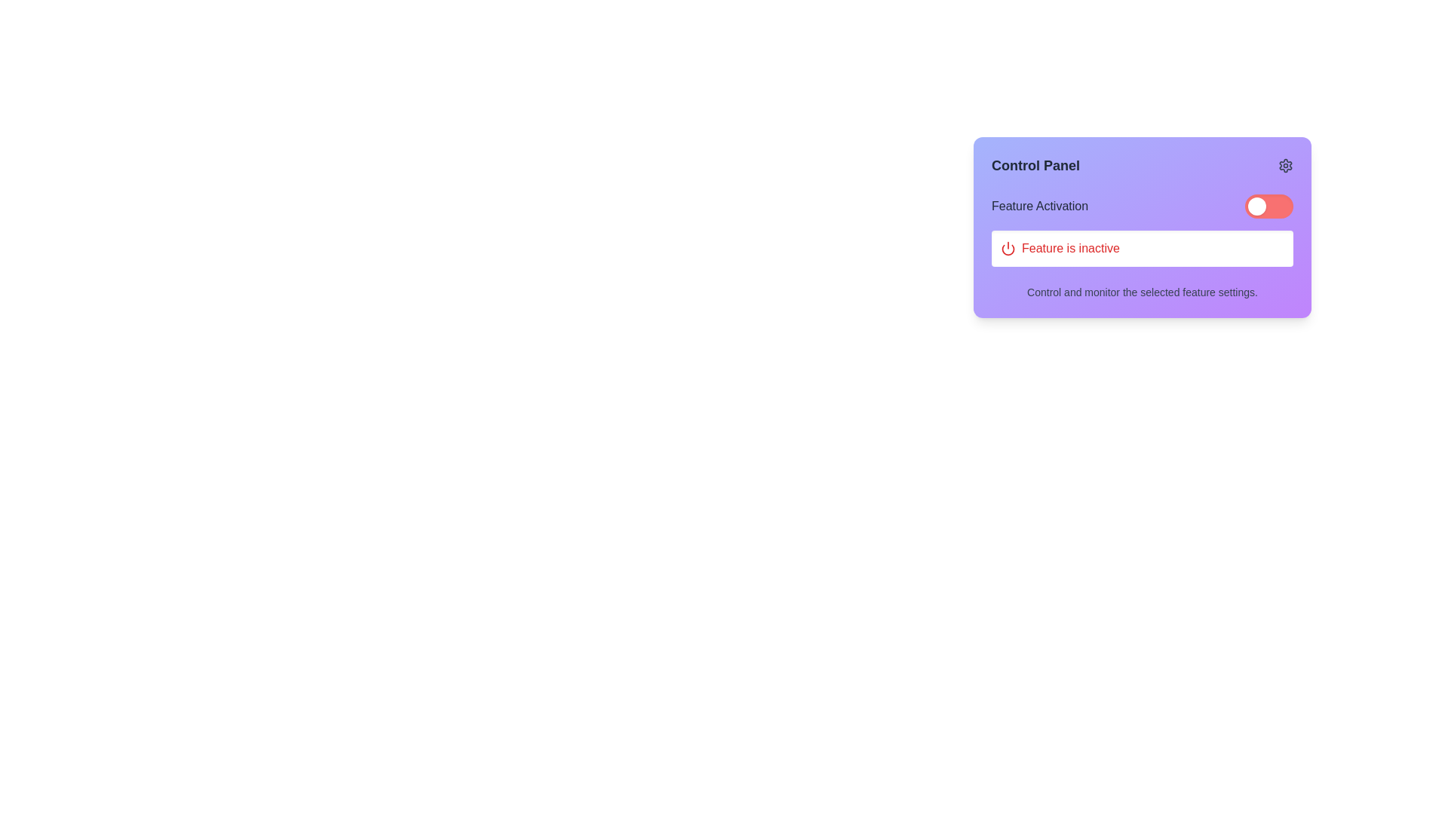  I want to click on the settings icon located in the top-right corner of the 'Control Panel' card, so click(1284, 165).